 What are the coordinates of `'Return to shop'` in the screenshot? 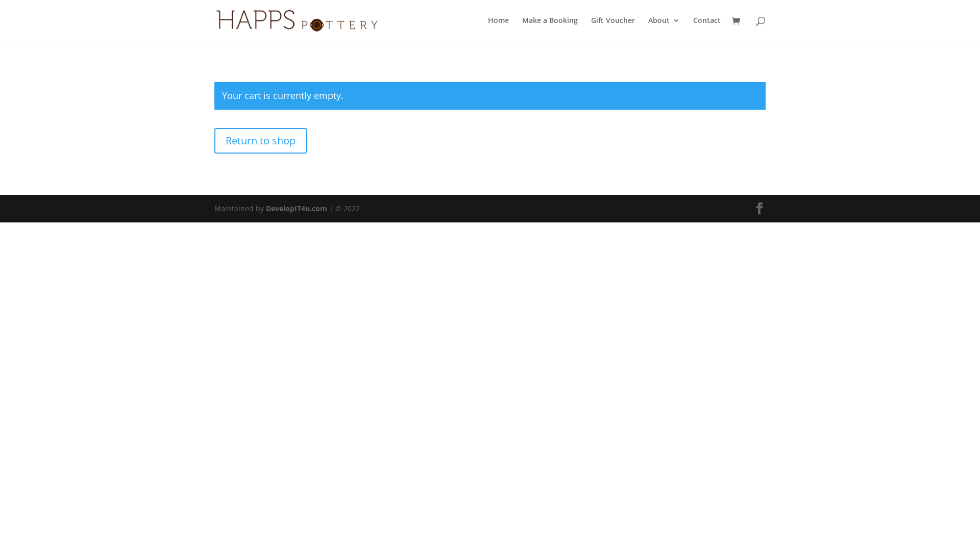 It's located at (214, 141).